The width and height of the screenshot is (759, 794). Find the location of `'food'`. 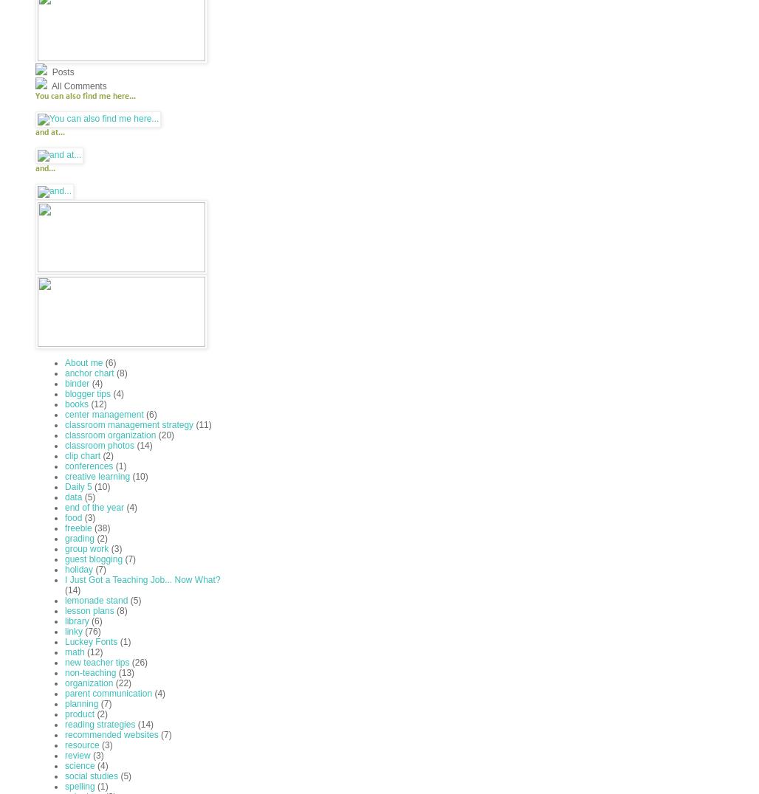

'food' is located at coordinates (63, 517).